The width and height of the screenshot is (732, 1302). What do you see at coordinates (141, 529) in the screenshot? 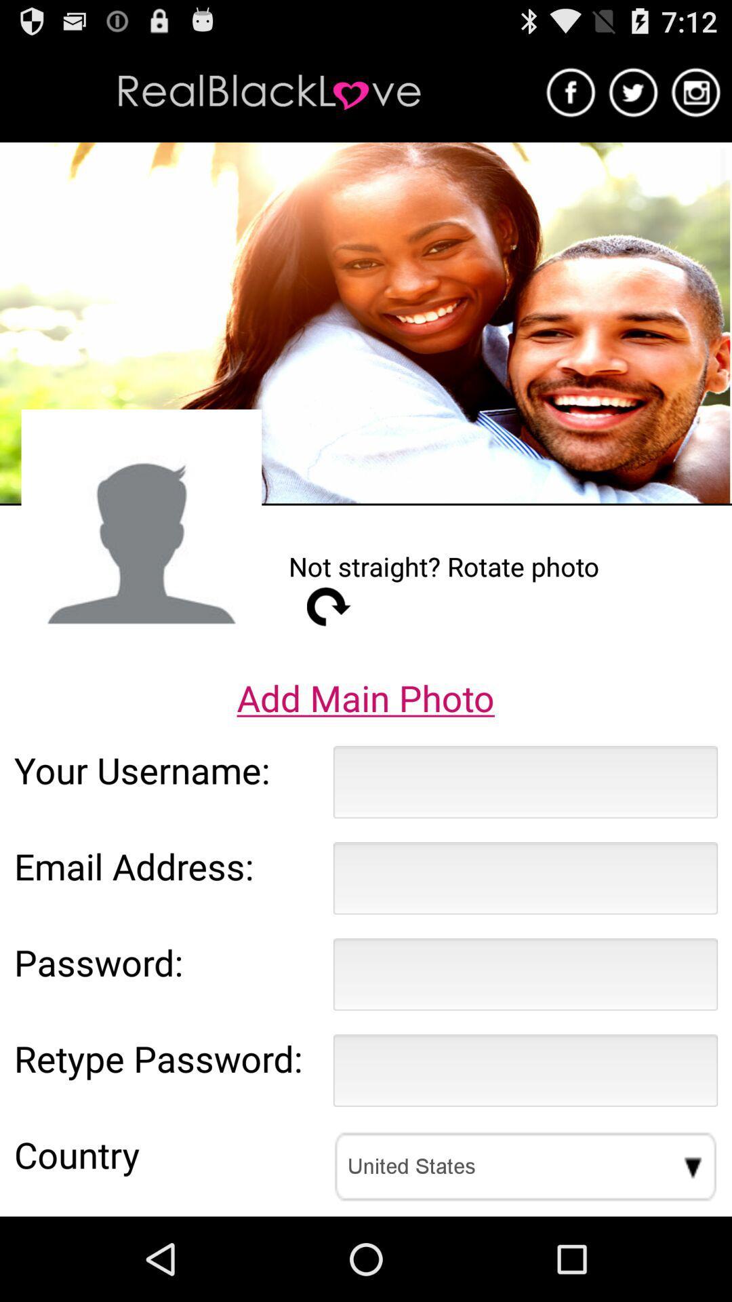
I see `item next to not straight rotate` at bounding box center [141, 529].